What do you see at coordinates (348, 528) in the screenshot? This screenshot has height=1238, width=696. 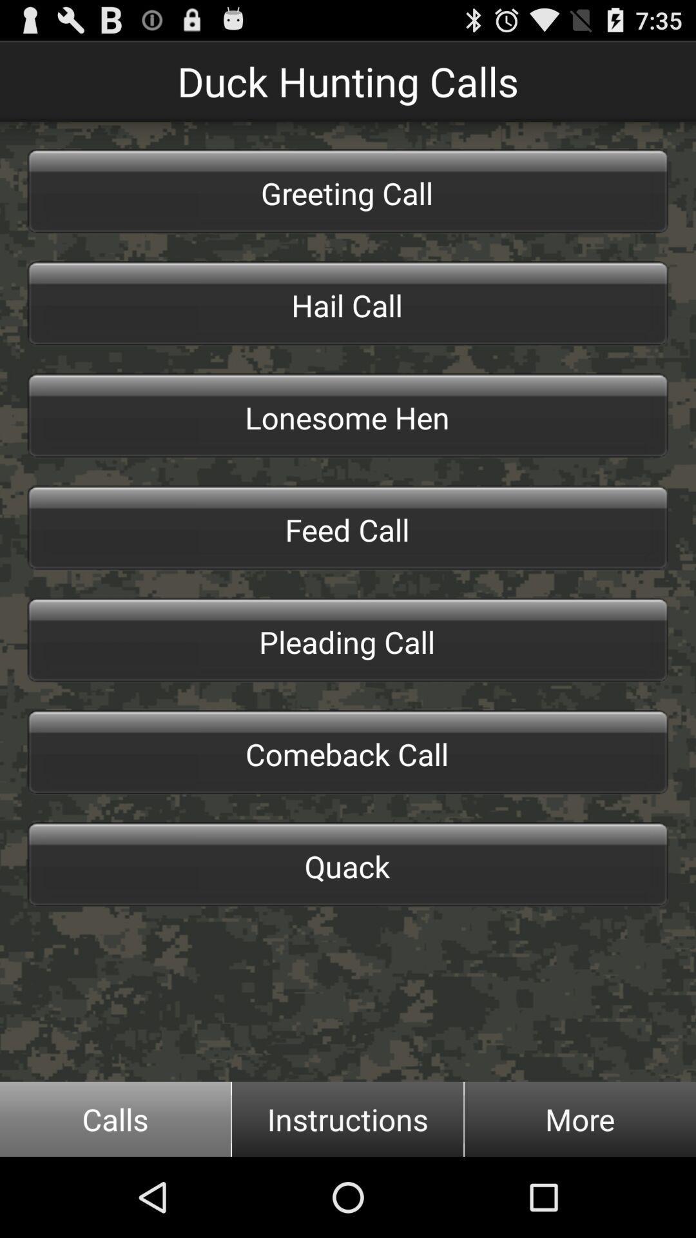 I see `icon above pleading call button` at bounding box center [348, 528].